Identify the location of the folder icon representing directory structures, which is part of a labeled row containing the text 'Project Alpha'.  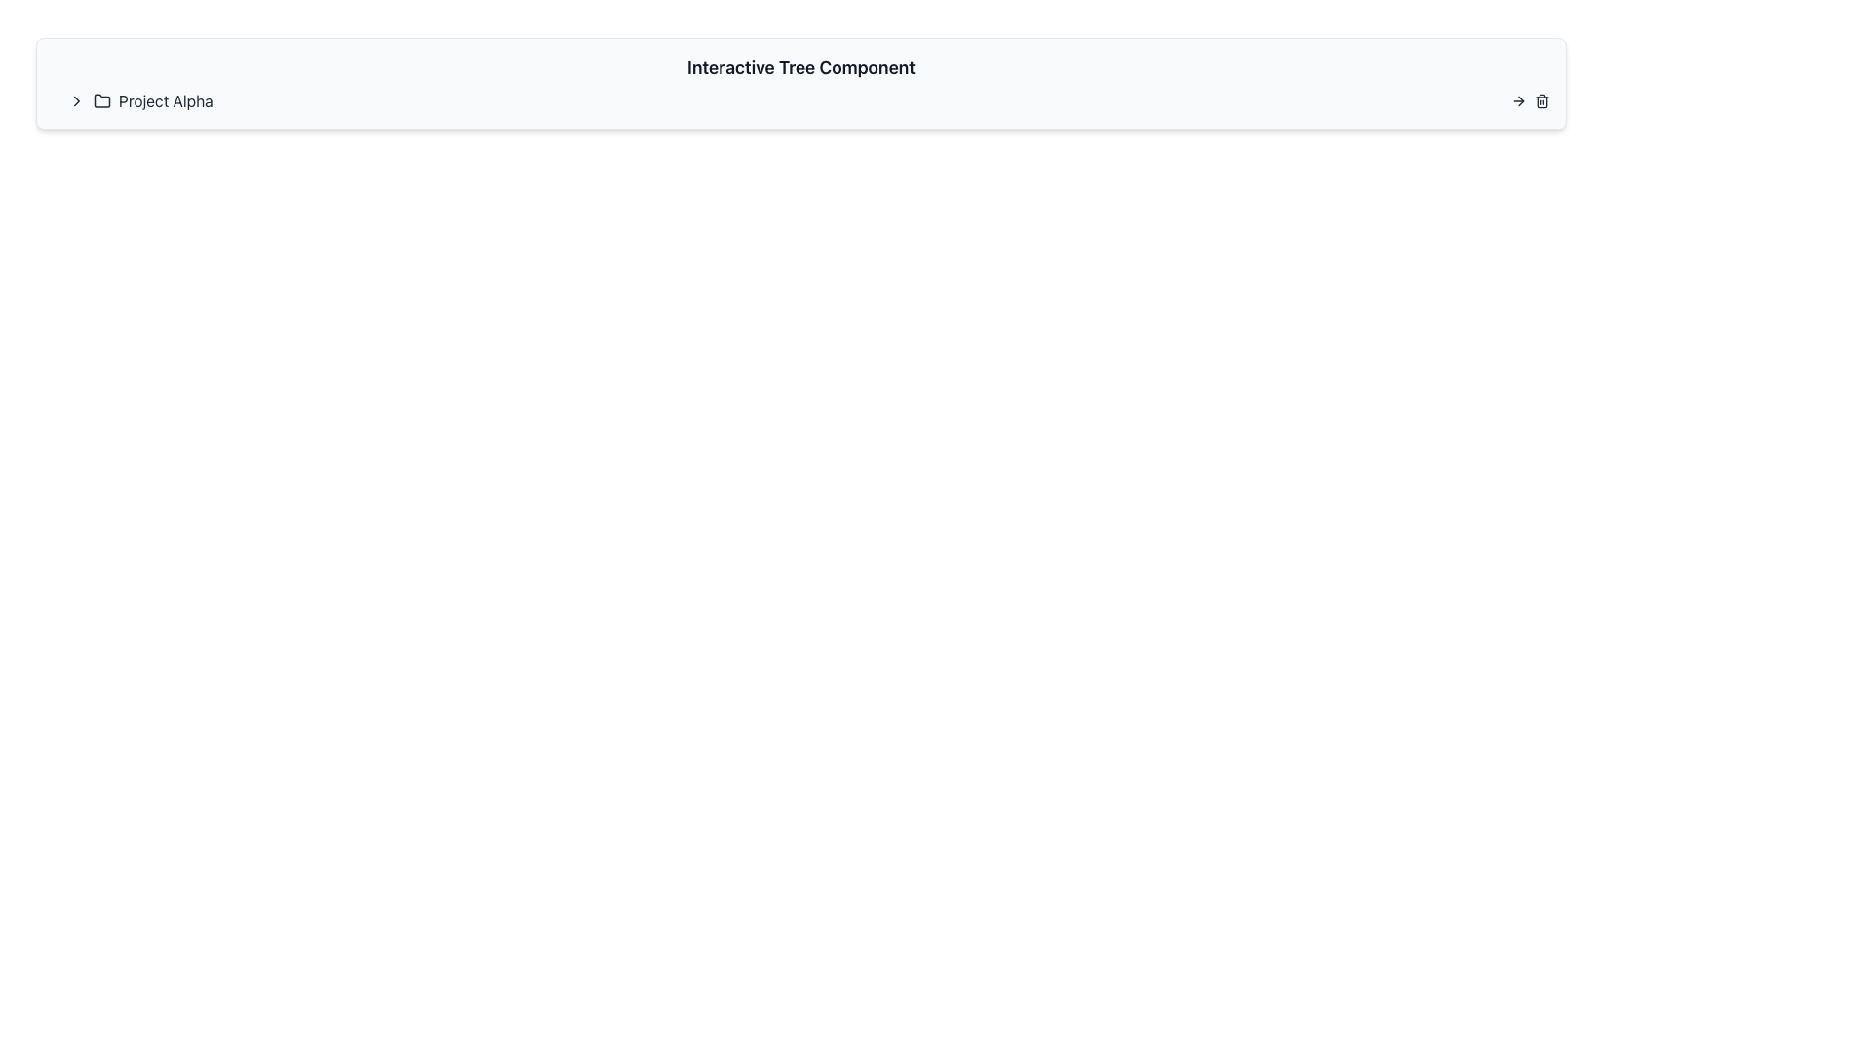
(101, 101).